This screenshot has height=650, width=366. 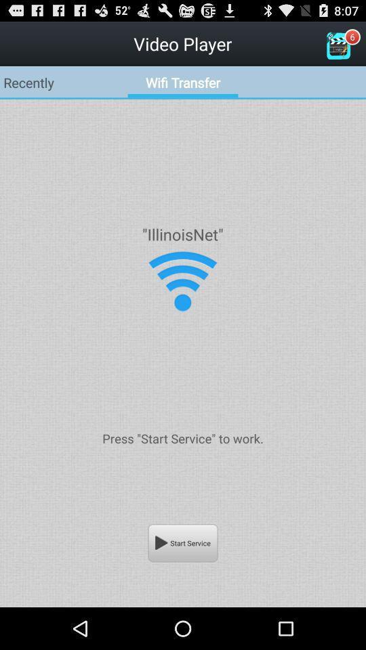 I want to click on the network_wifi icon, so click(x=182, y=301).